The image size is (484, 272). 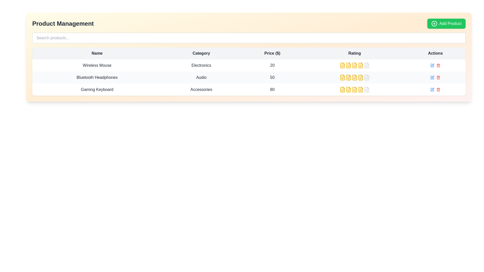 I want to click on the second icon, so click(x=342, y=78).